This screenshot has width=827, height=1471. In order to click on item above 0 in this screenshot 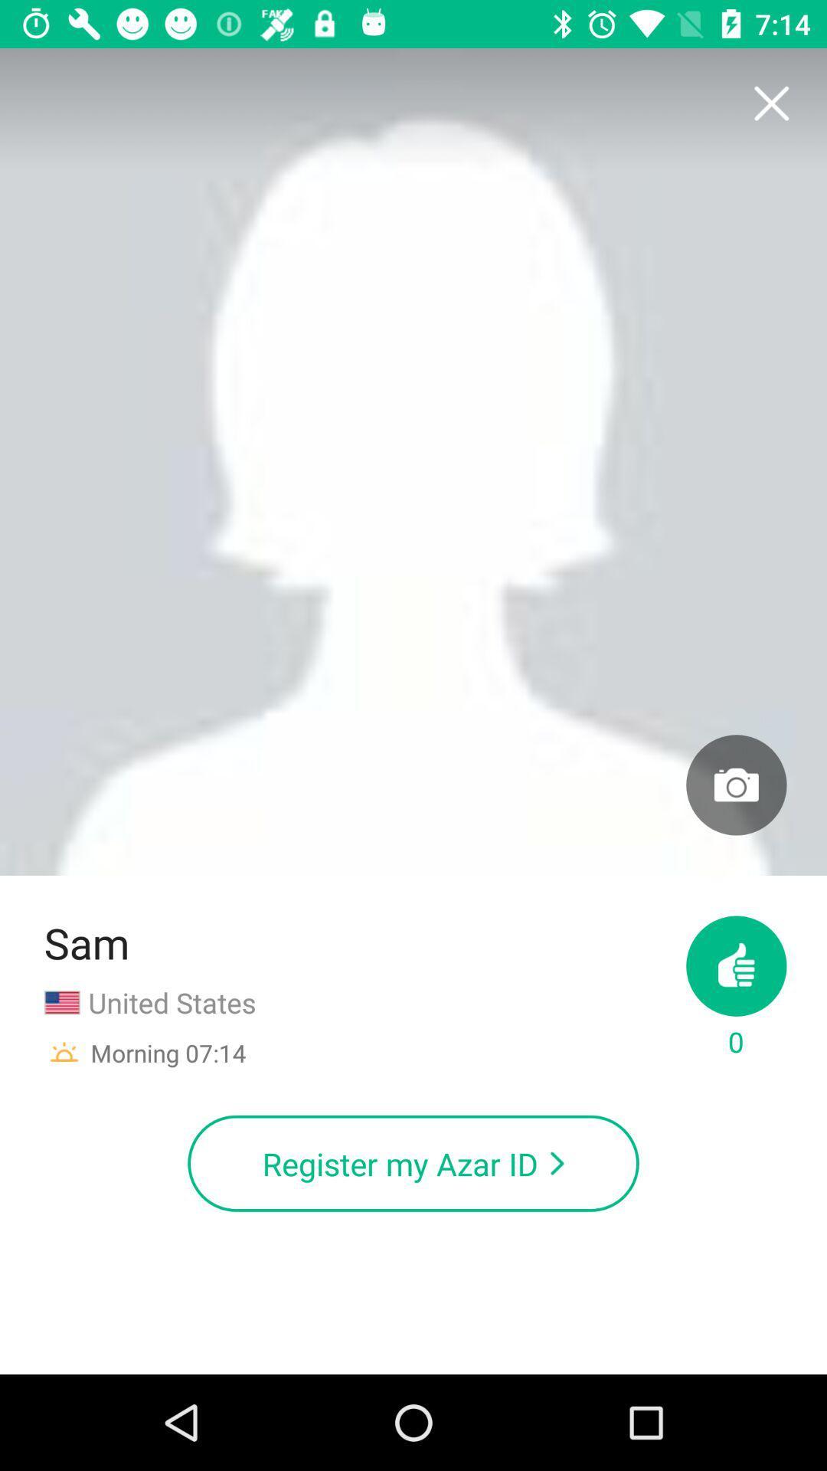, I will do `click(735, 785)`.